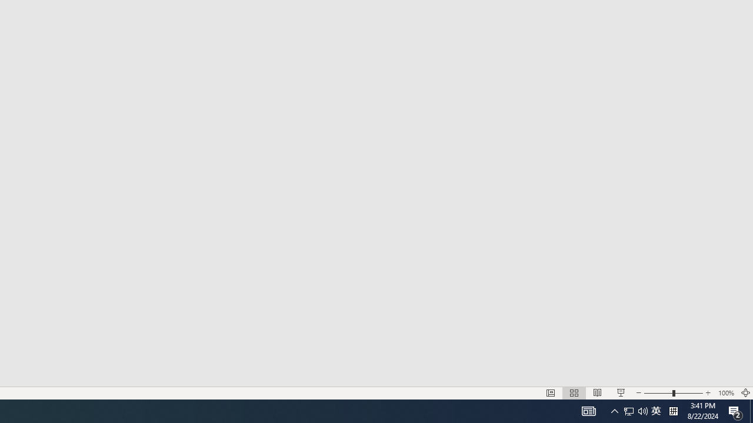  What do you see at coordinates (673, 393) in the screenshot?
I see `'Zoom'` at bounding box center [673, 393].